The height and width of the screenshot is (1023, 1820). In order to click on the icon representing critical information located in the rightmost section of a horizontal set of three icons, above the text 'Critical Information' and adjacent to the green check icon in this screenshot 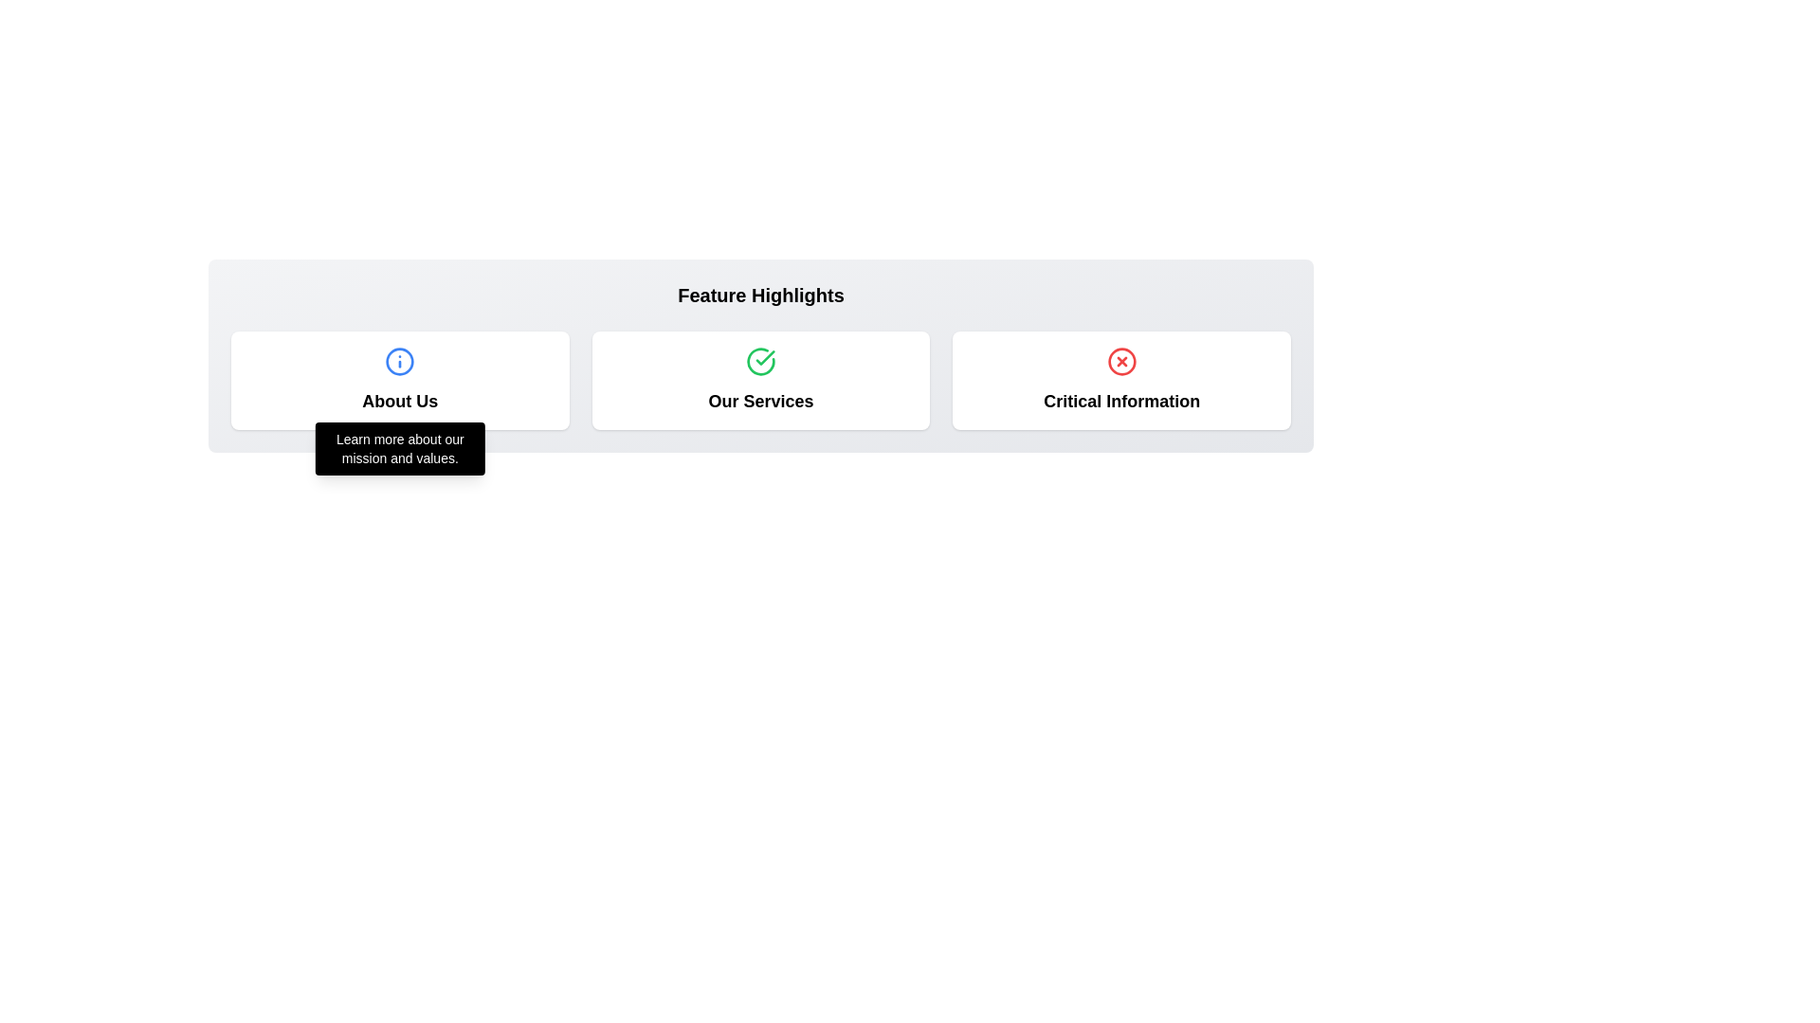, I will do `click(1121, 361)`.